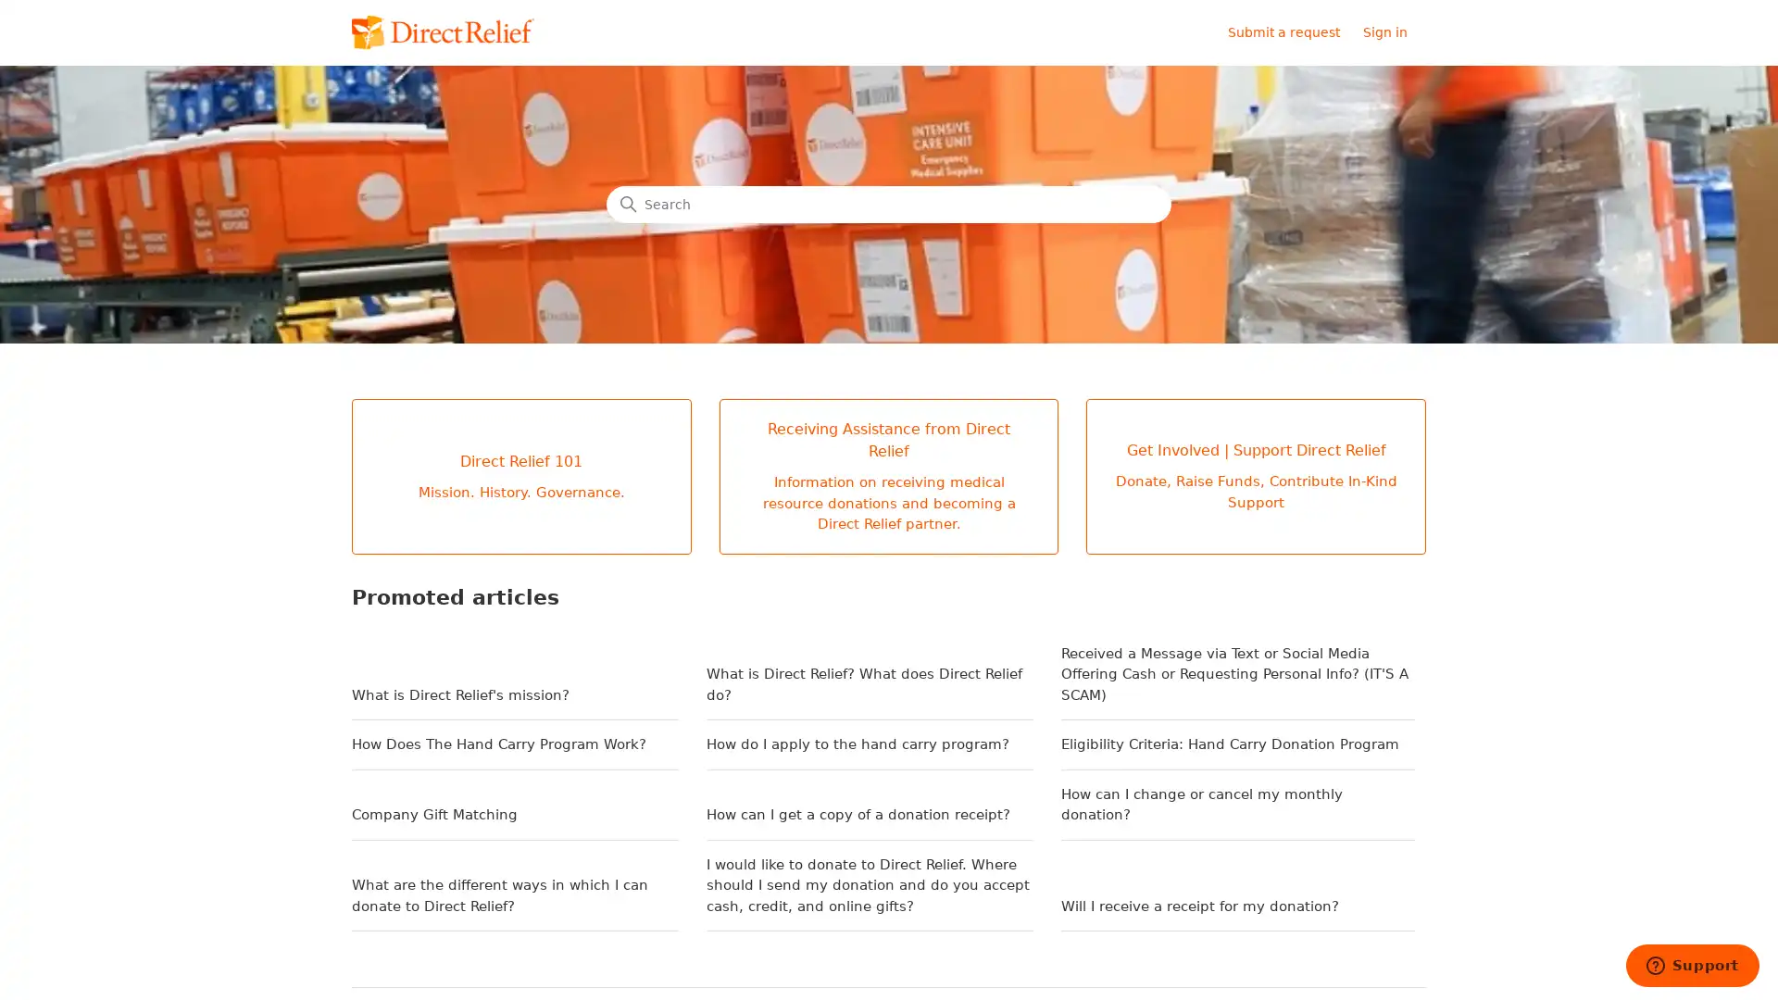  What do you see at coordinates (1395, 32) in the screenshot?
I see `Sign in` at bounding box center [1395, 32].